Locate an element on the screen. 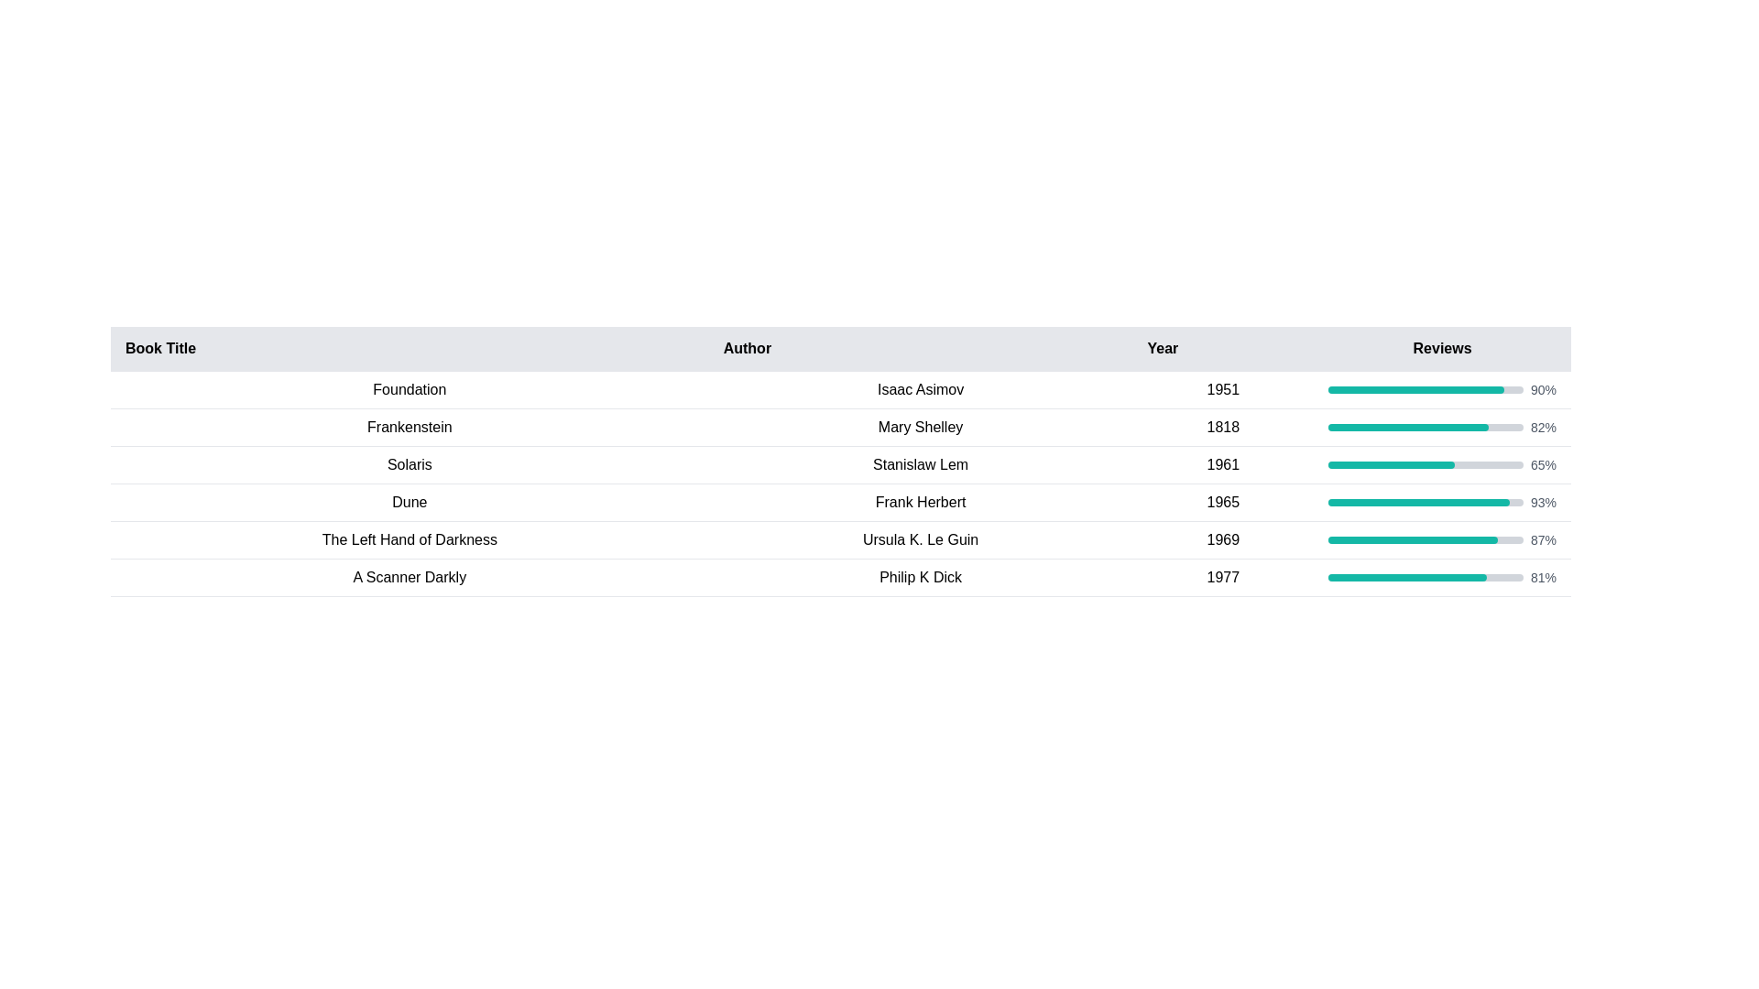 The width and height of the screenshot is (1759, 989). to select the second row of the table that presents detailed information about the book 'Frankenstein', highlighting its title, author, publication year, and review score is located at coordinates (839, 427).